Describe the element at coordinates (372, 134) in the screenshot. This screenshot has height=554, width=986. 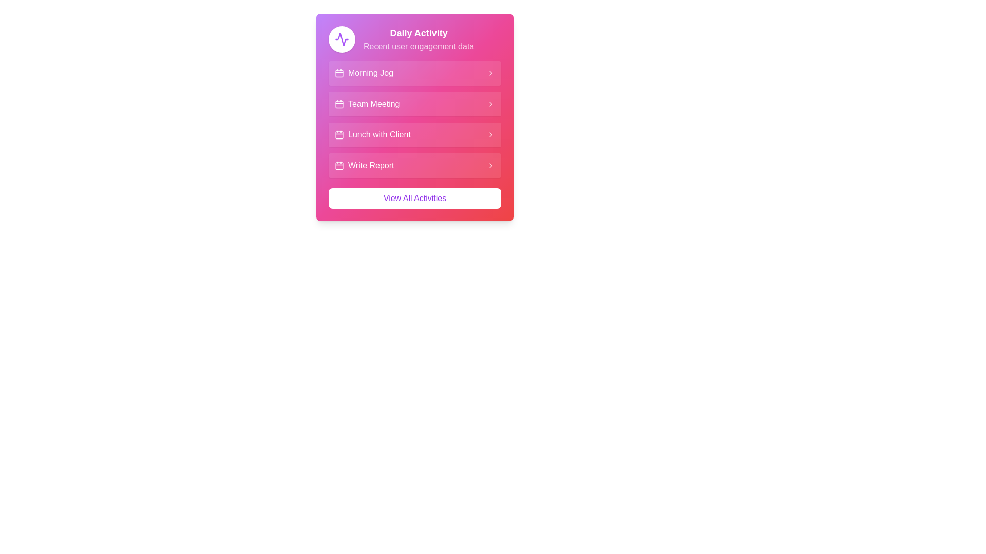
I see `the Text label representing an activity in the list, which is the third item between 'Team Meeting' and 'Write Report'` at that location.